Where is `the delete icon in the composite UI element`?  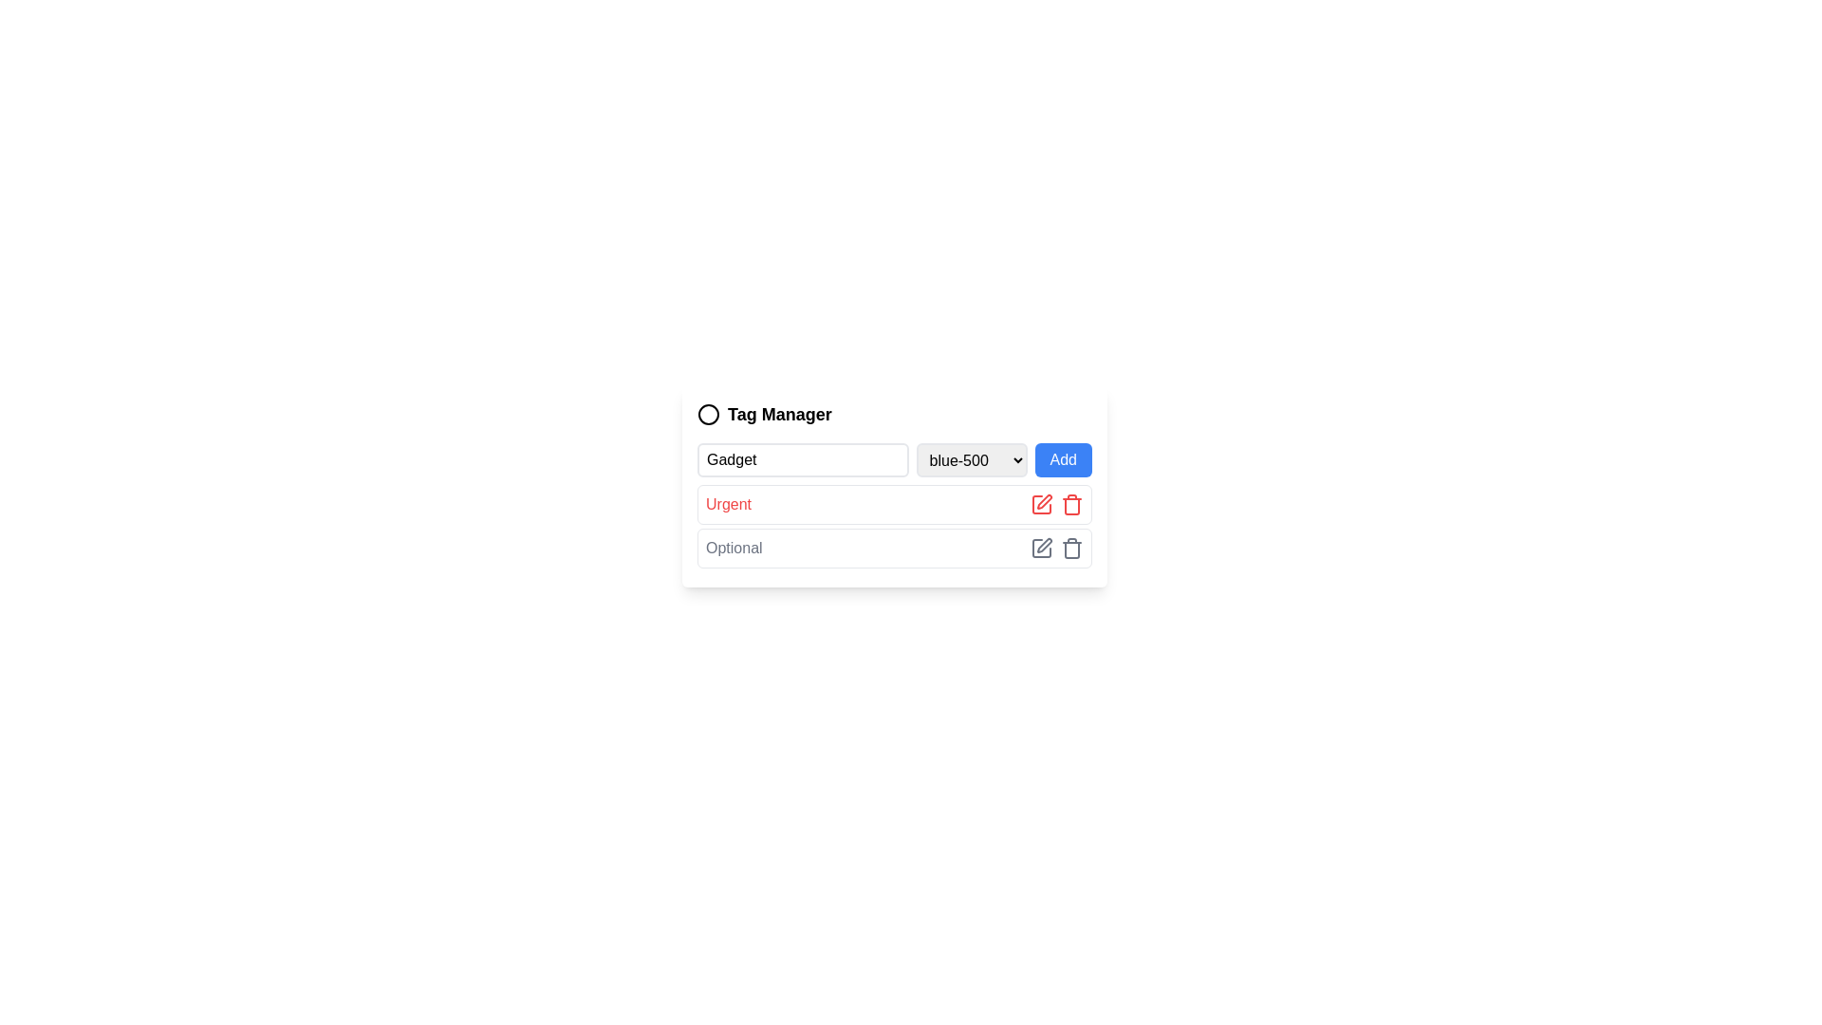
the delete icon in the composite UI element is located at coordinates (1055, 504).